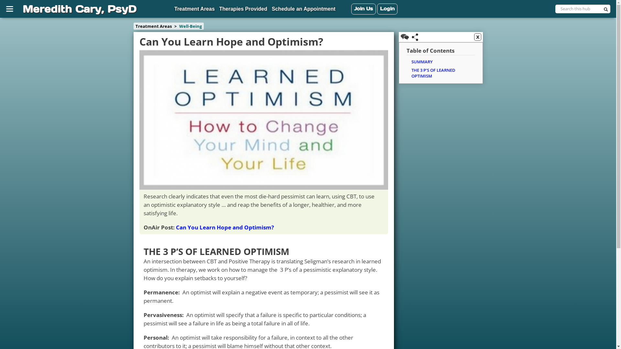  I want to click on 'Site Map', so click(11, 9).